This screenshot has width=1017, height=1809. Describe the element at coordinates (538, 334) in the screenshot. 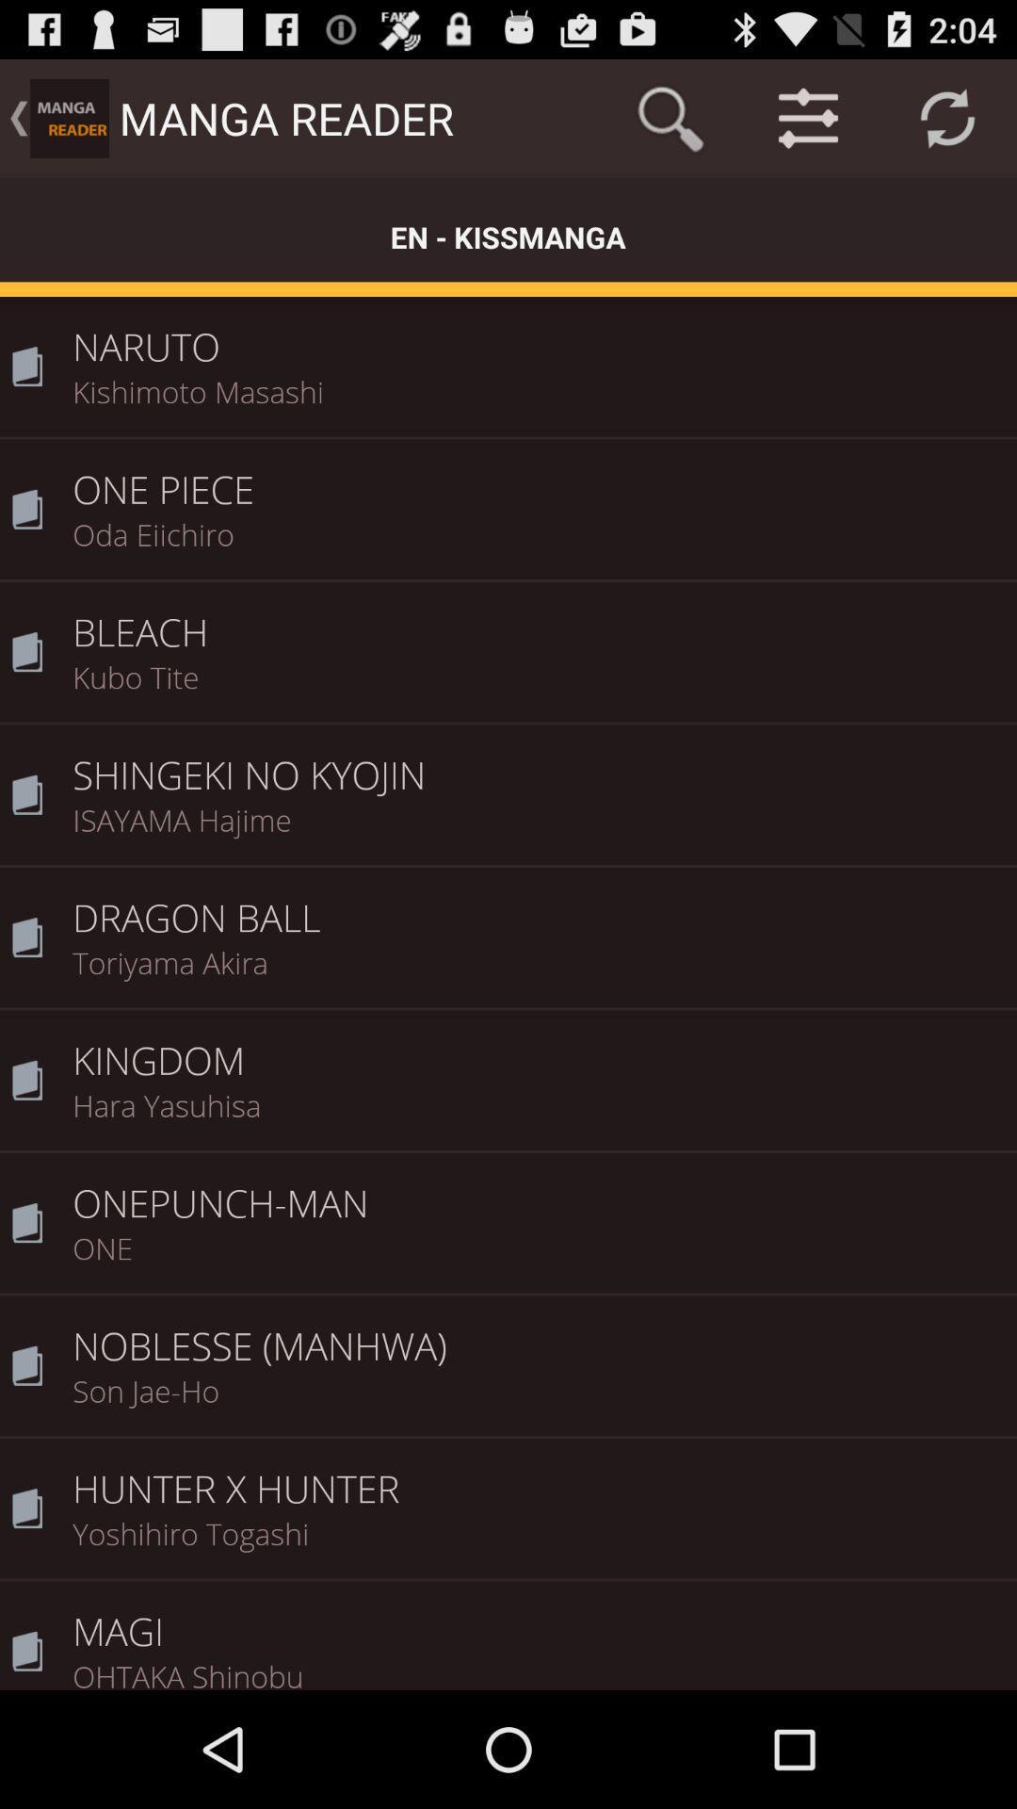

I see `the naruto icon` at that location.